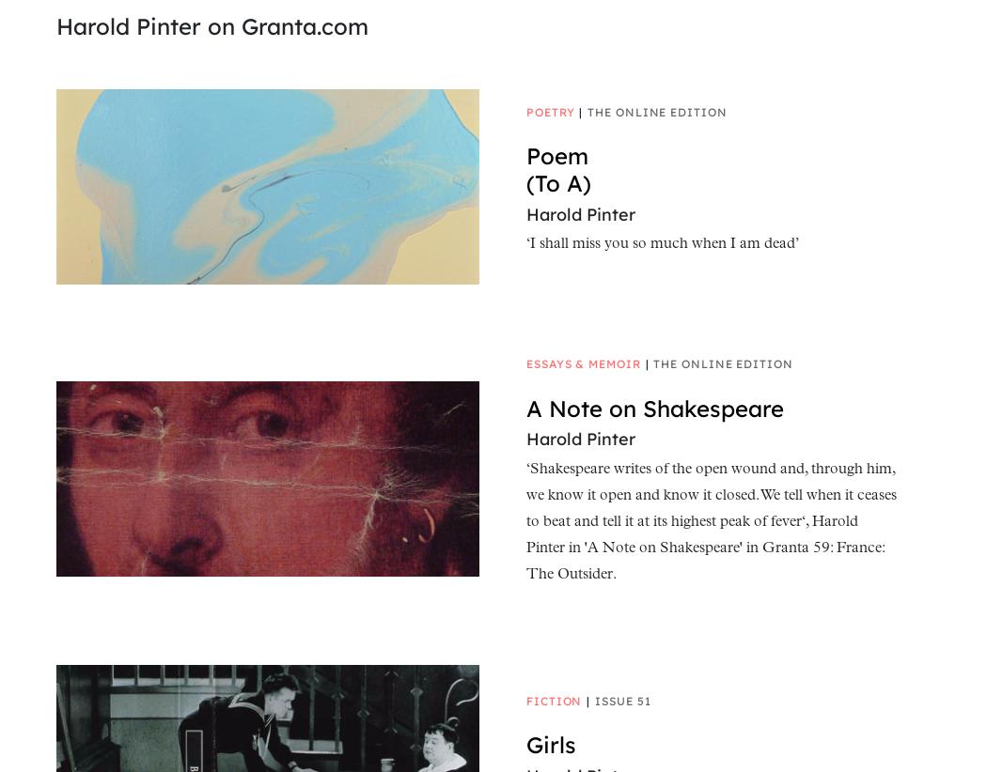 The width and height of the screenshot is (987, 772). What do you see at coordinates (654, 407) in the screenshot?
I see `'A Note on Shakespeare'` at bounding box center [654, 407].